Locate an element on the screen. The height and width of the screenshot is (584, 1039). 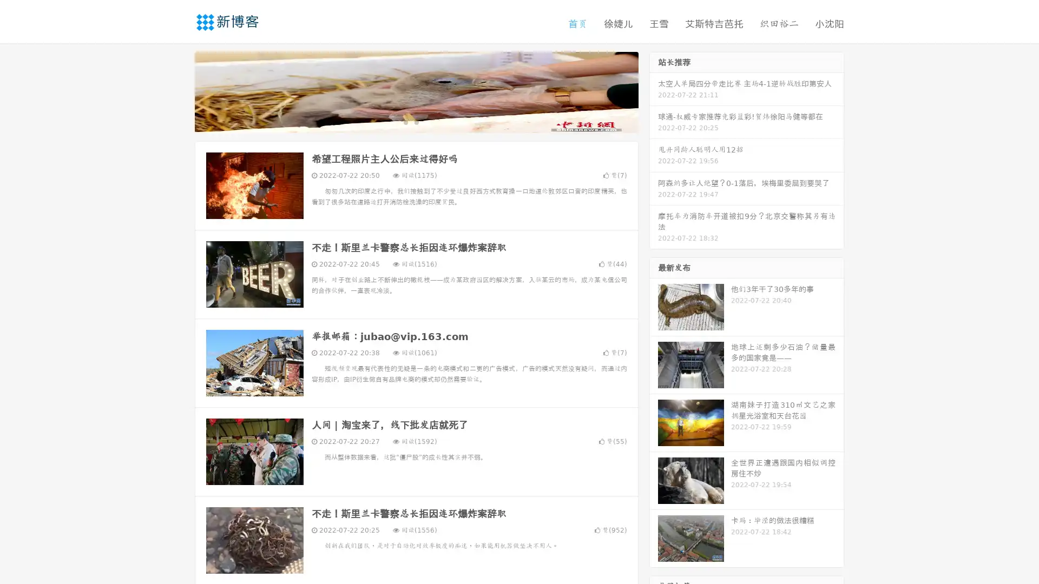
Go to slide 1 is located at coordinates (405, 122).